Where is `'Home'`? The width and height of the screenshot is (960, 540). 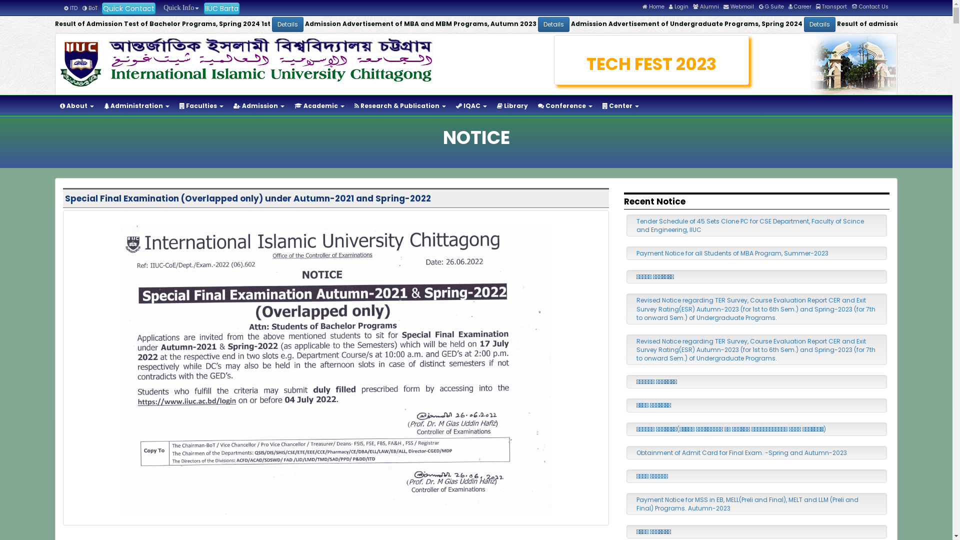
'Home' is located at coordinates (653, 6).